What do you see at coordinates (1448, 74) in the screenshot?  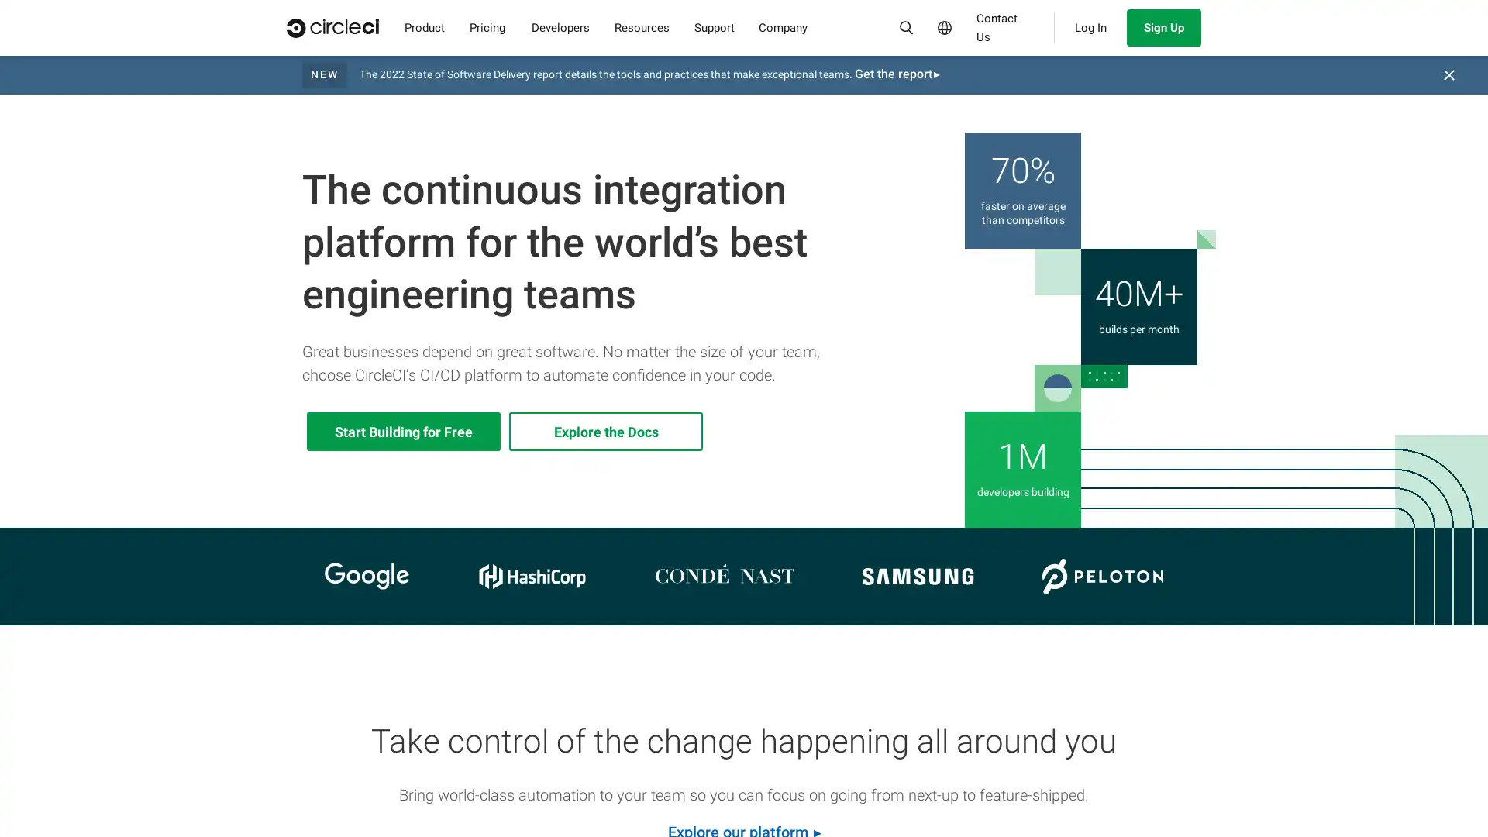 I see `Close banner` at bounding box center [1448, 74].